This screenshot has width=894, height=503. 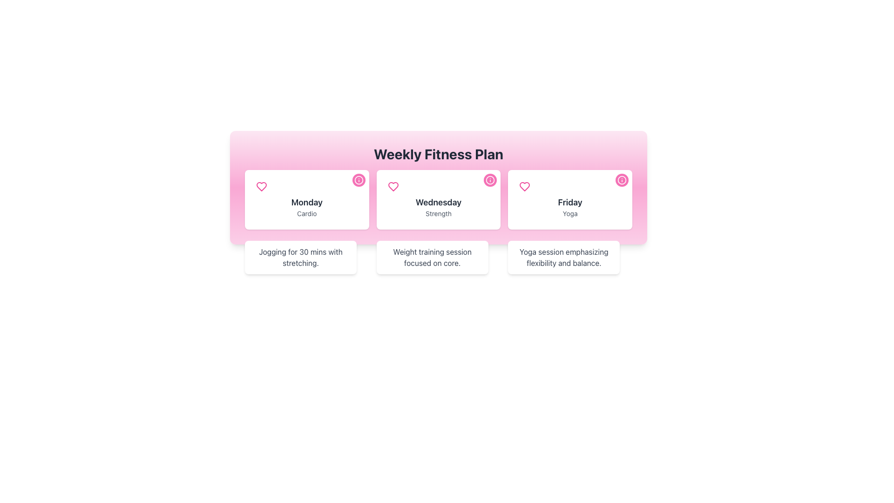 What do you see at coordinates (301, 257) in the screenshot?
I see `the text element that reads 'Jogging for 30 mins with stretching.' located below the 'Monday' card in the 'Weekly Fitness Plan' section` at bounding box center [301, 257].